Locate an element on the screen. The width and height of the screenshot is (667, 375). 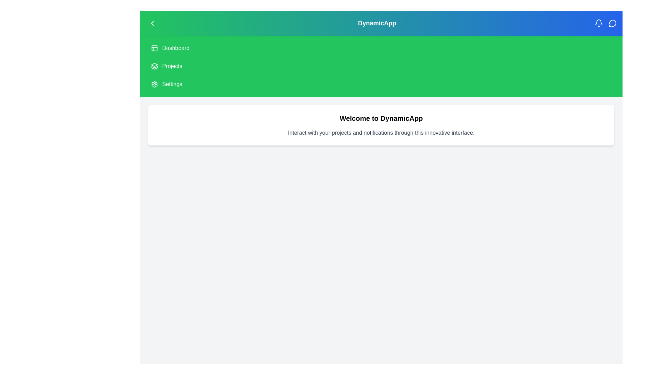
the message icon in the top-right corner of the DynamicAppBar is located at coordinates (612, 23).